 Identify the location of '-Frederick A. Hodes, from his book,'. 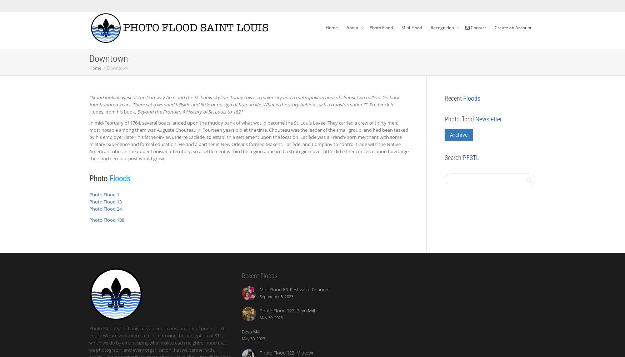
(241, 108).